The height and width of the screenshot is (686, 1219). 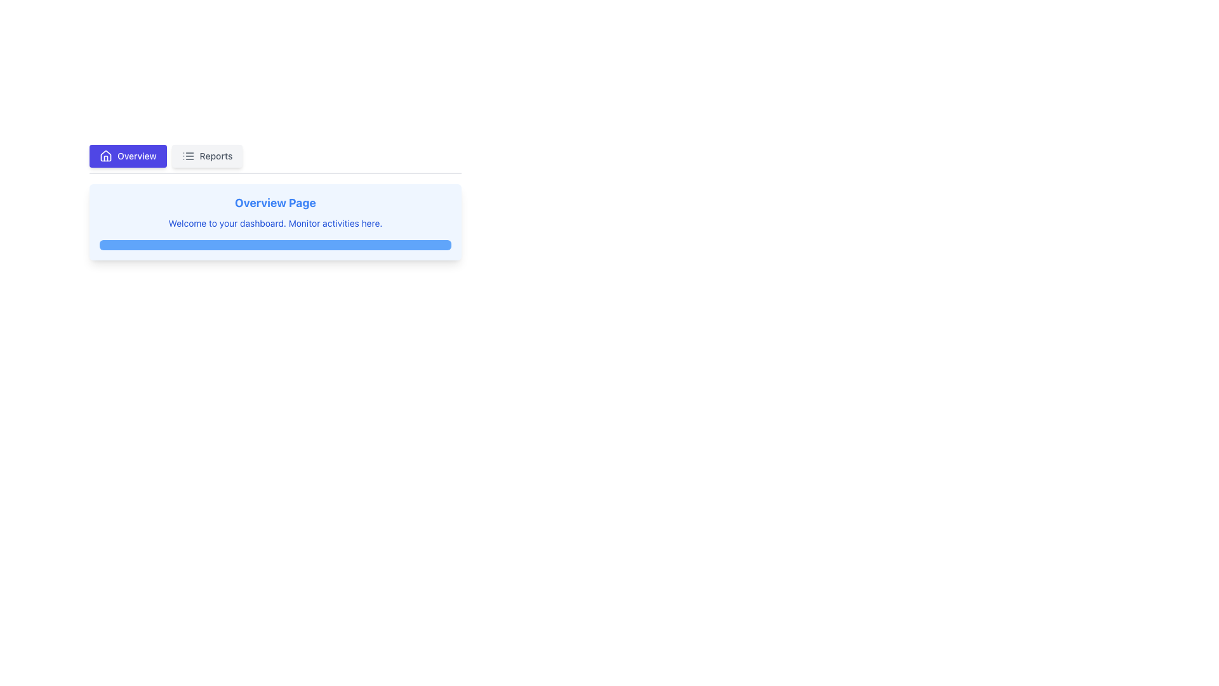 What do you see at coordinates (106, 156) in the screenshot?
I see `the house icon located in the 'Overview' tab, which is positioned to the left of the 'Overview' text and has a blue background` at bounding box center [106, 156].